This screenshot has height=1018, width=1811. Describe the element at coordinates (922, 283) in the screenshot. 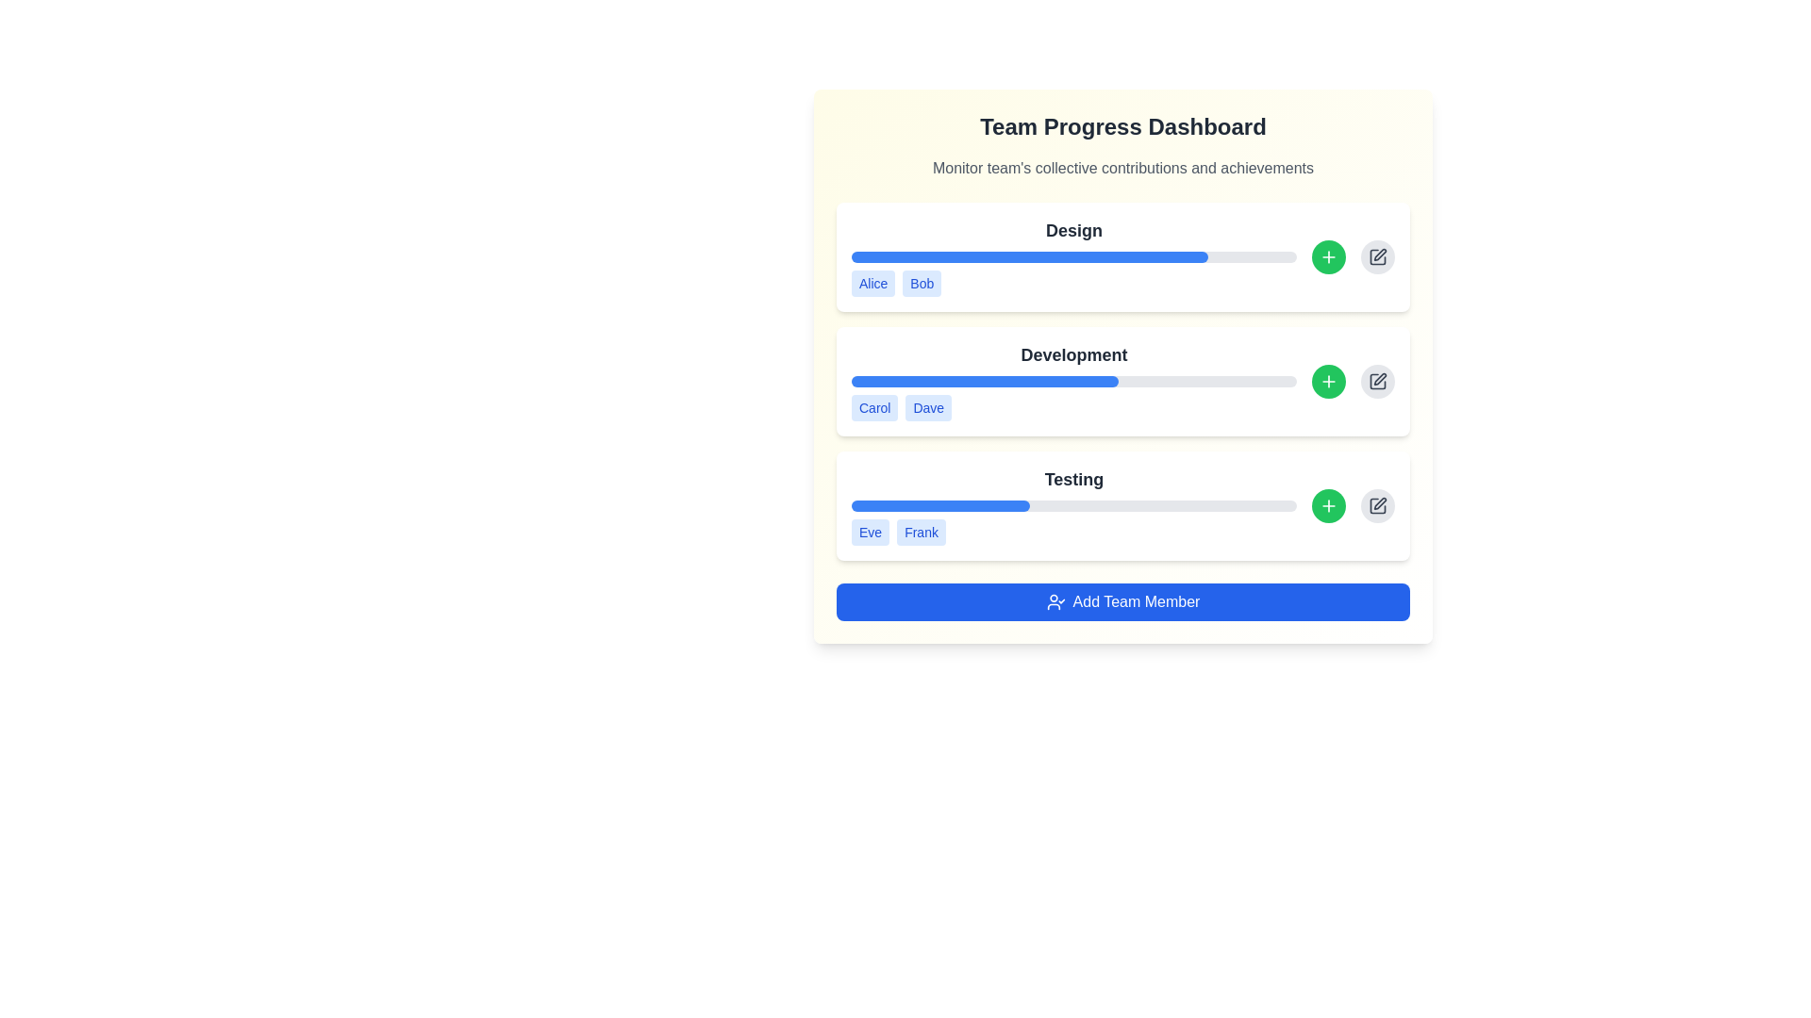

I see `the rightmost badge under the 'Design' section` at that location.